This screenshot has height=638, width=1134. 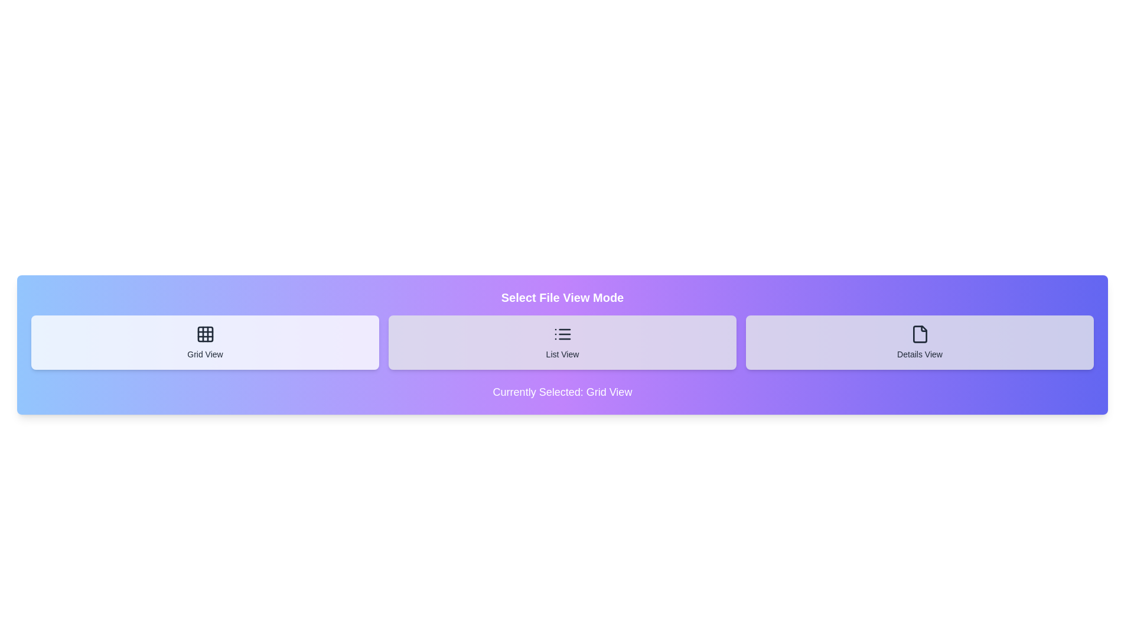 What do you see at coordinates (205, 342) in the screenshot?
I see `the Grid View button to observe its hover effect` at bounding box center [205, 342].